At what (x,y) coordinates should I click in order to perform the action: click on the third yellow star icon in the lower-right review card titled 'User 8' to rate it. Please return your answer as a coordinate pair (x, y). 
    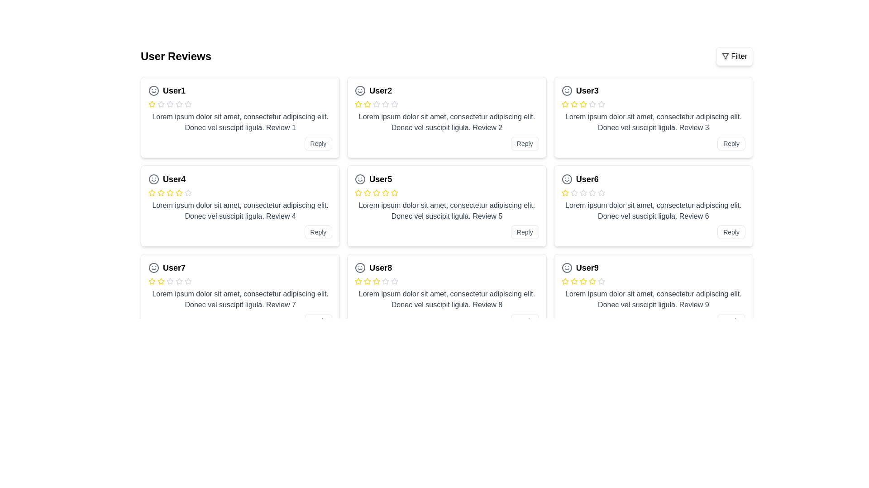
    Looking at the image, I should click on (358, 281).